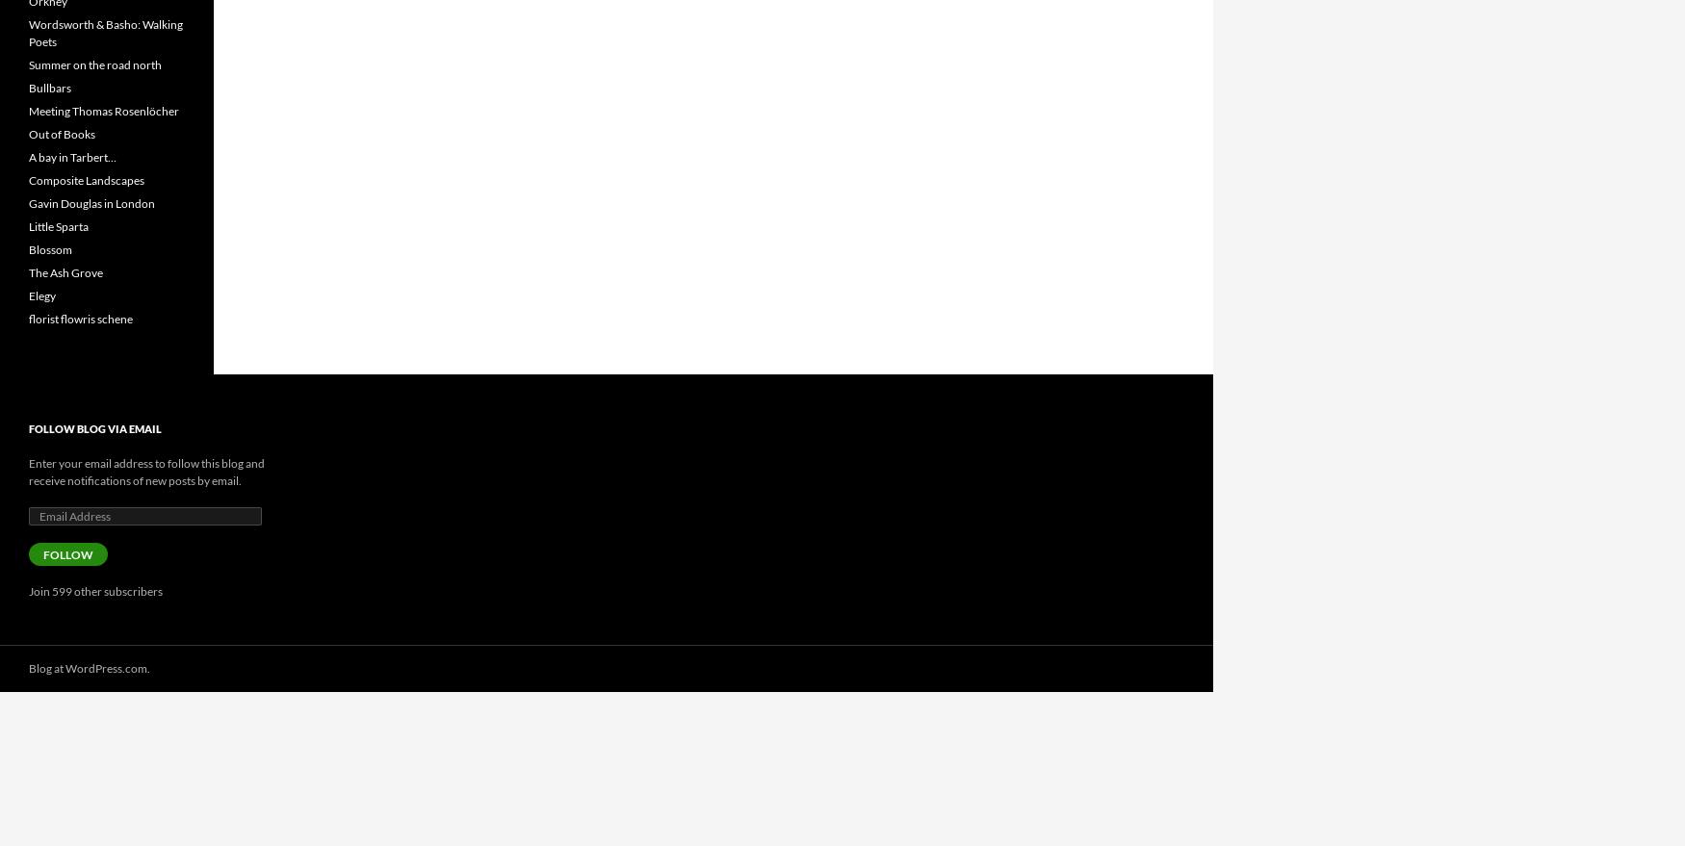 This screenshot has width=1685, height=846. I want to click on 'Bullbars', so click(48, 87).